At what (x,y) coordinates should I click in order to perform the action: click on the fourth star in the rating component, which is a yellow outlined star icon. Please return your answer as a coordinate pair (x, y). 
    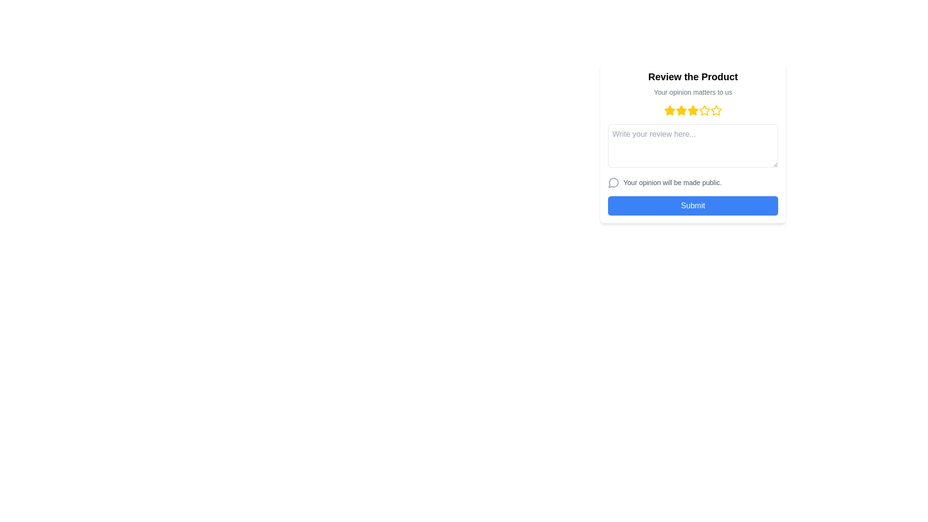
    Looking at the image, I should click on (716, 110).